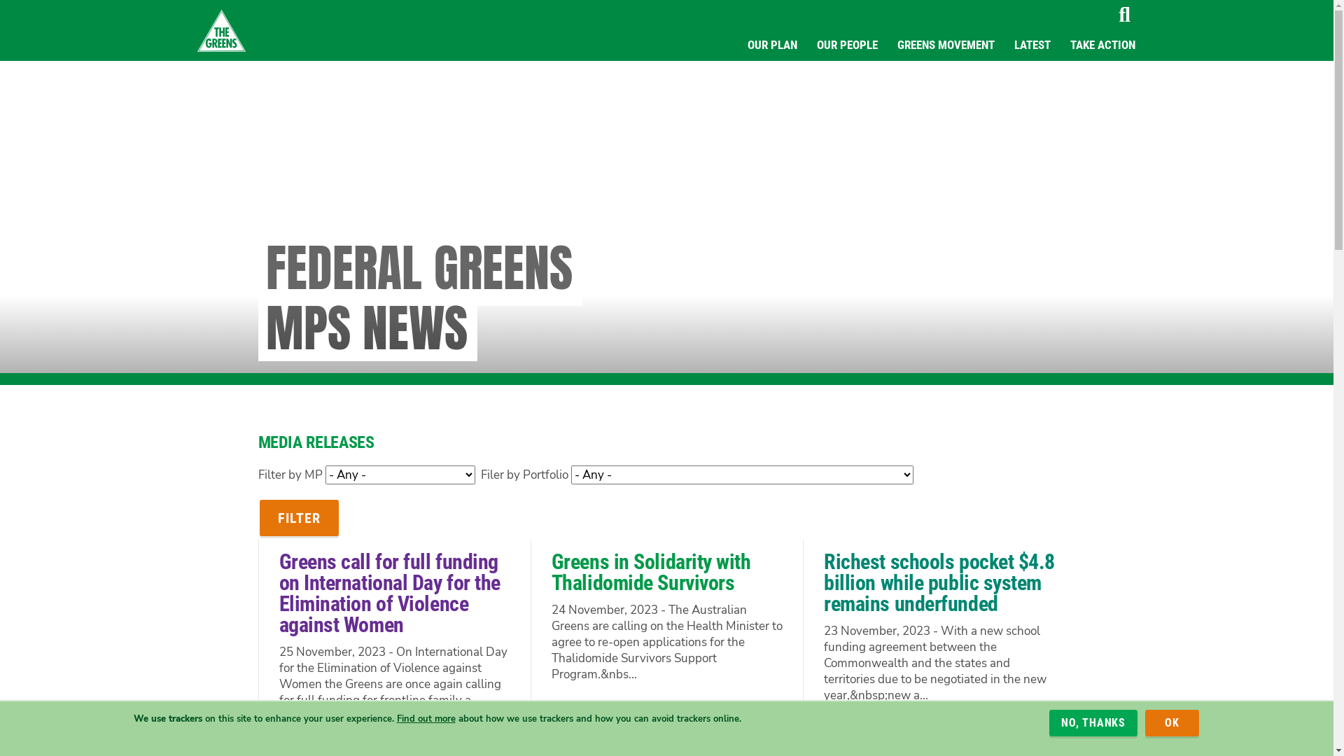  I want to click on 'Filter', so click(297, 518).